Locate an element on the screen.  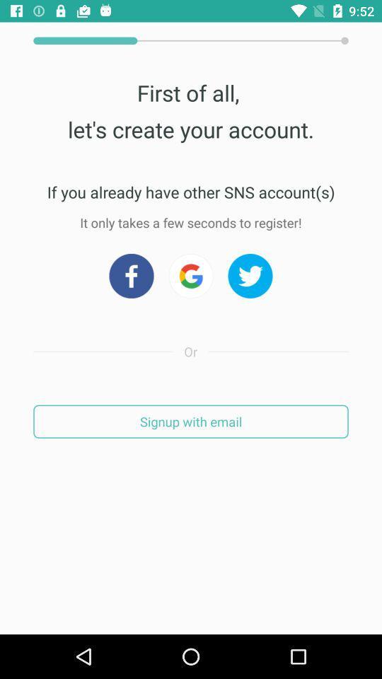
share to twitter is located at coordinates (250, 275).